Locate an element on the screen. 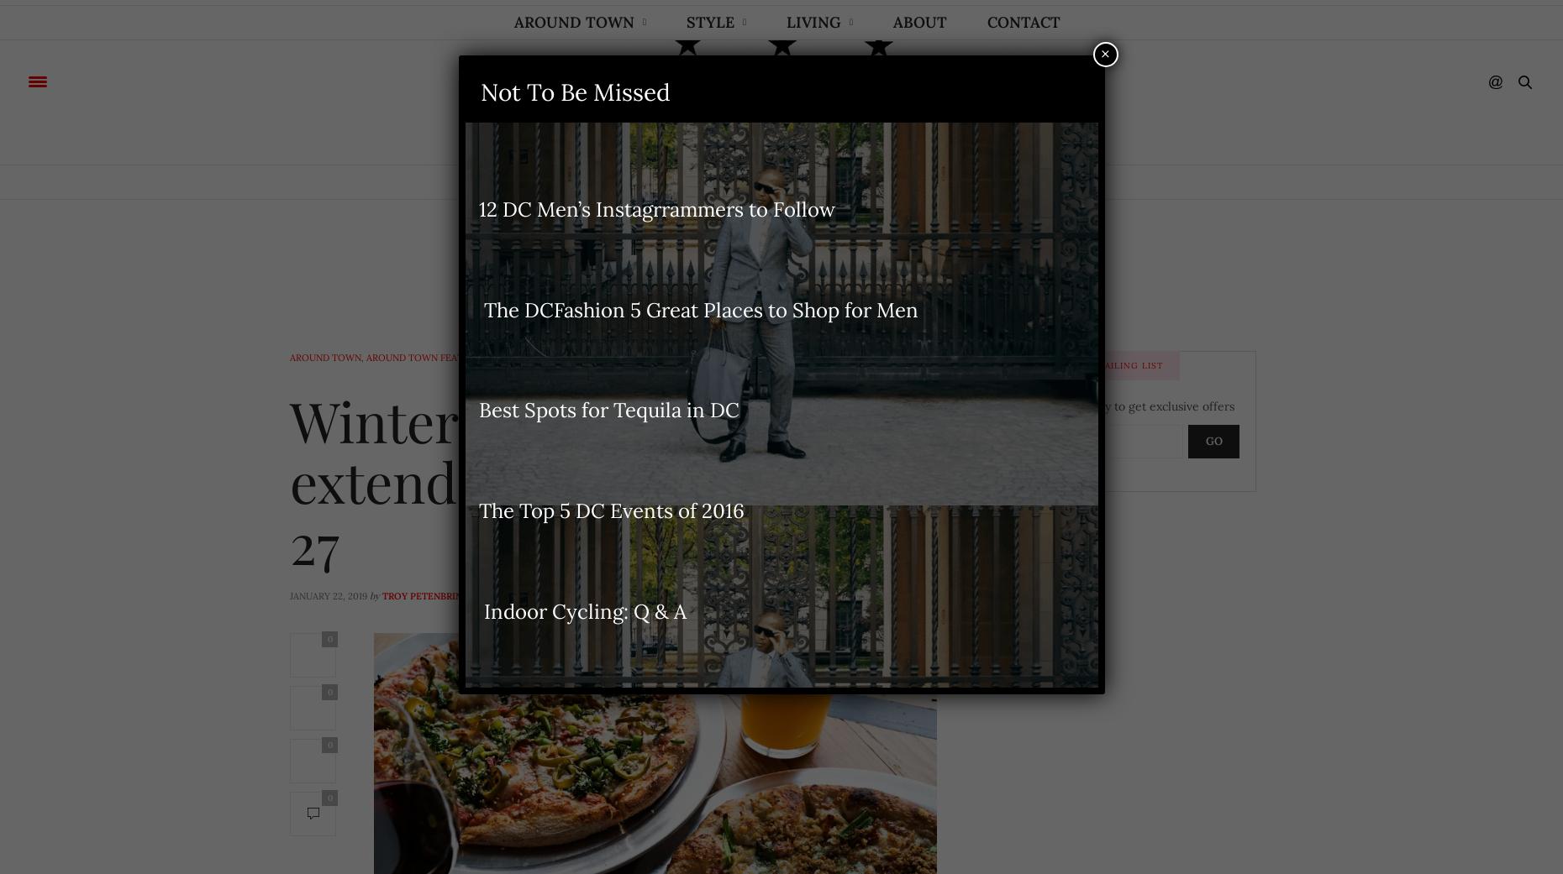 This screenshot has width=1563, height=874. 'Troy Petenbrink' is located at coordinates (424, 594).